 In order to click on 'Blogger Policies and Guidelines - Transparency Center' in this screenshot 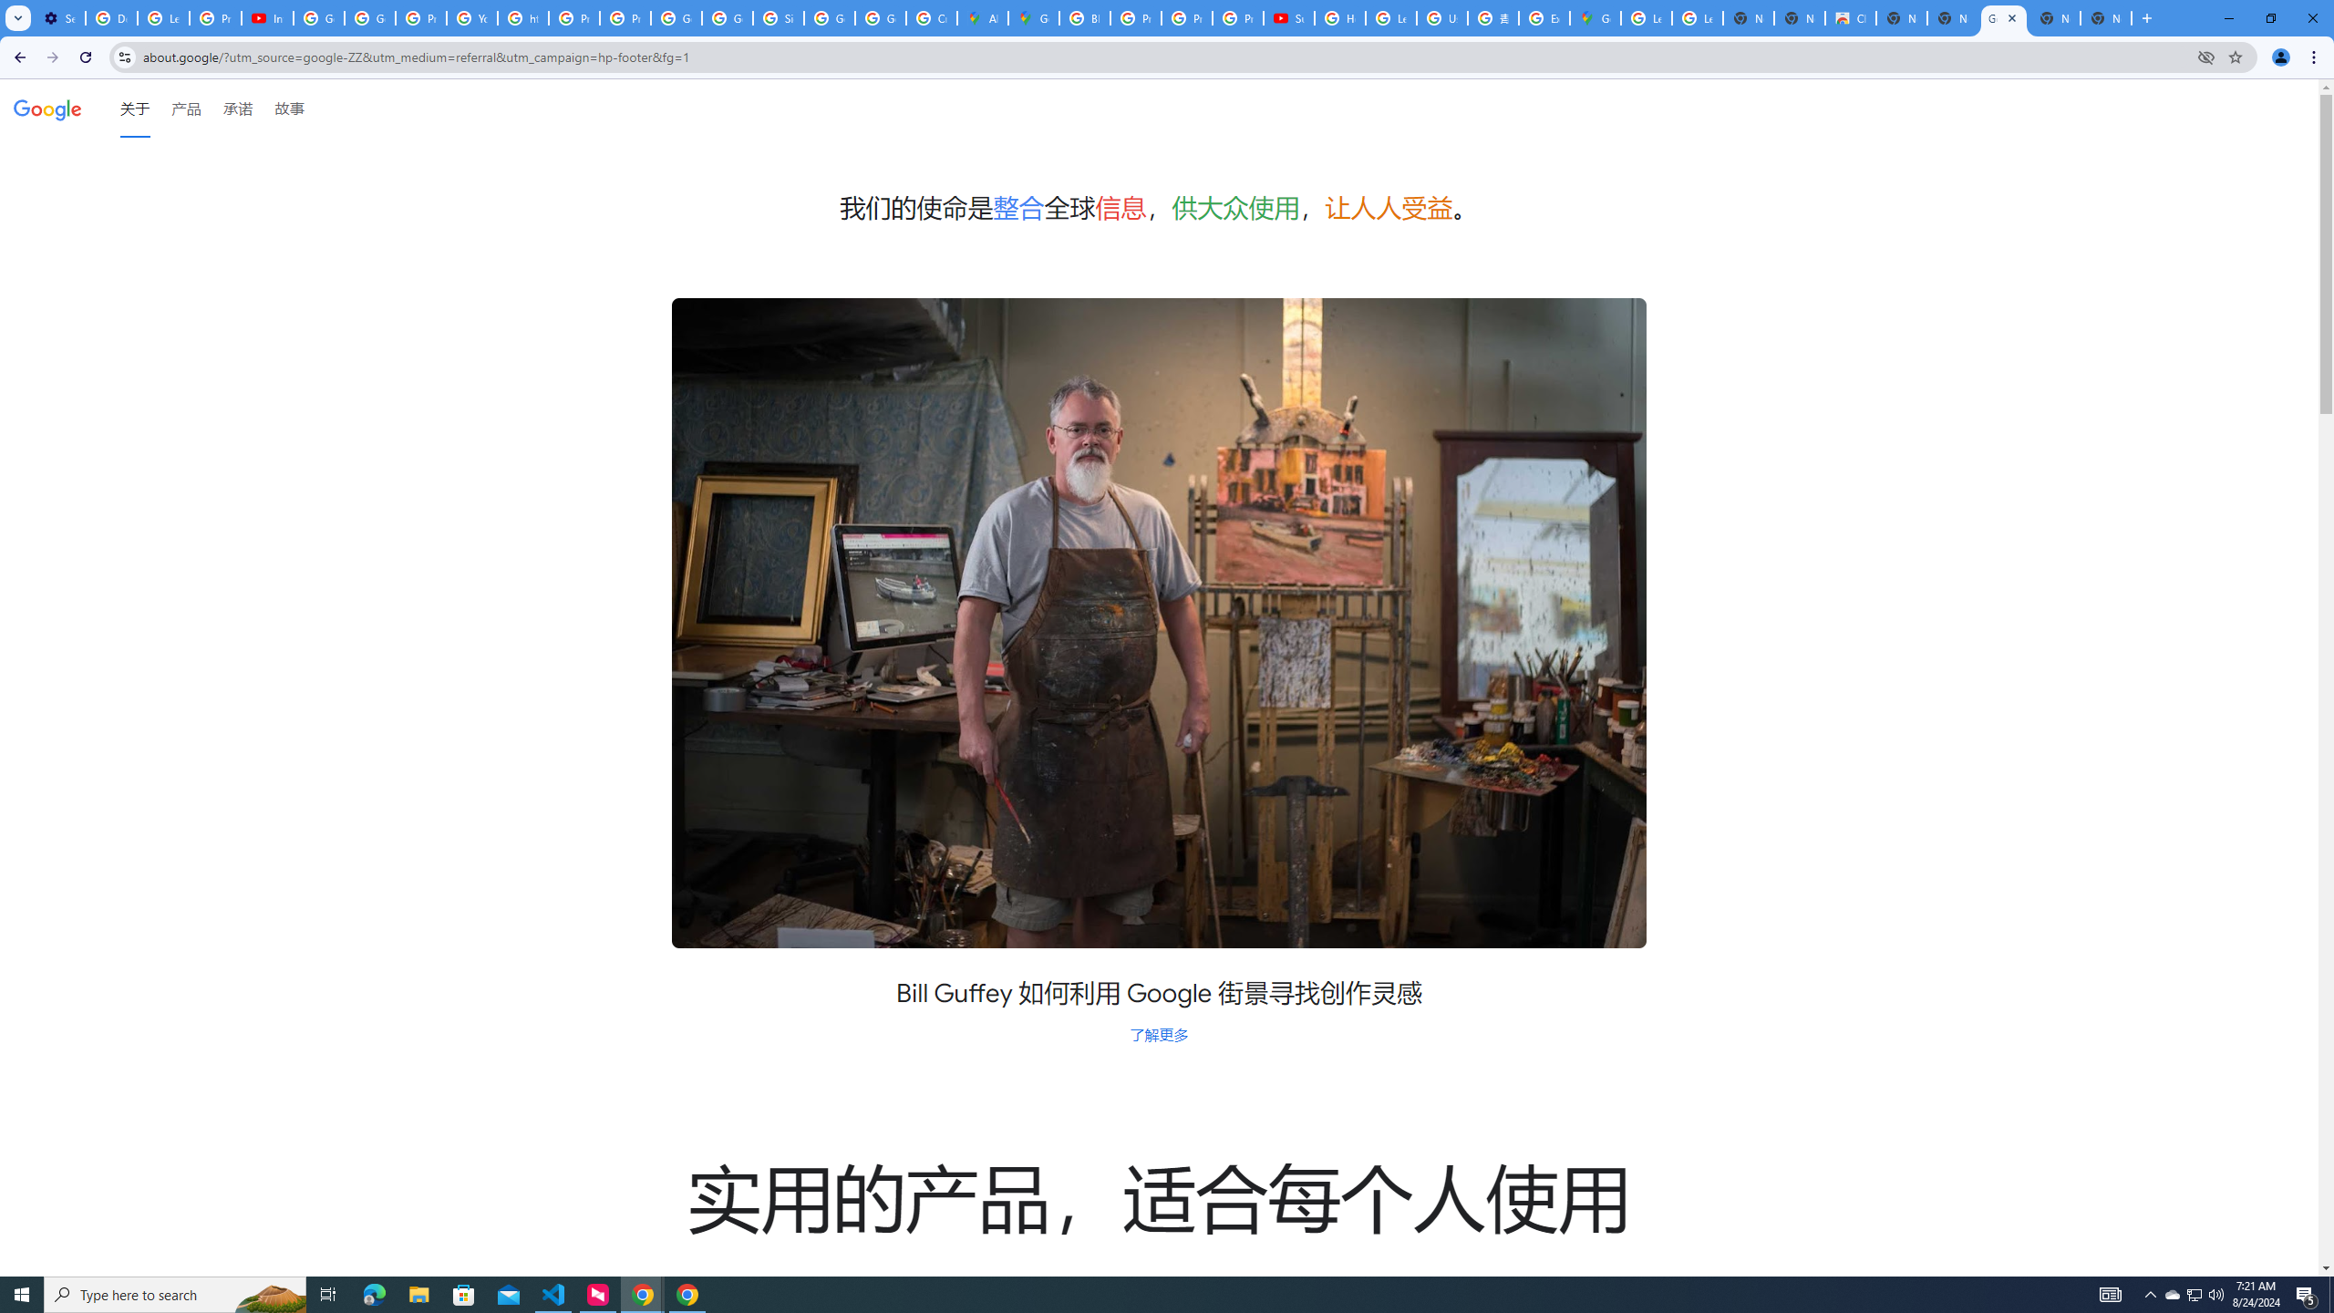, I will do `click(1084, 17)`.